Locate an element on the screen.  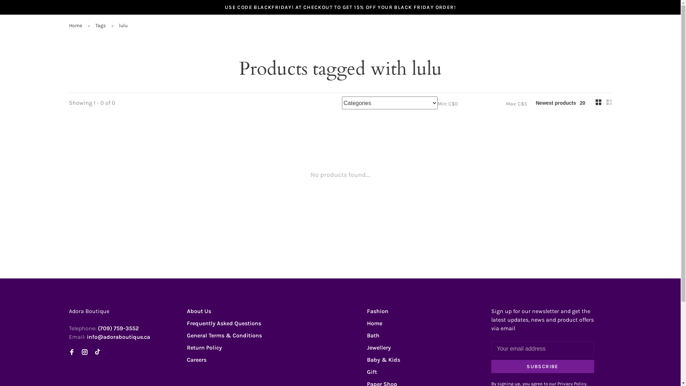
'Home' is located at coordinates (75, 25).